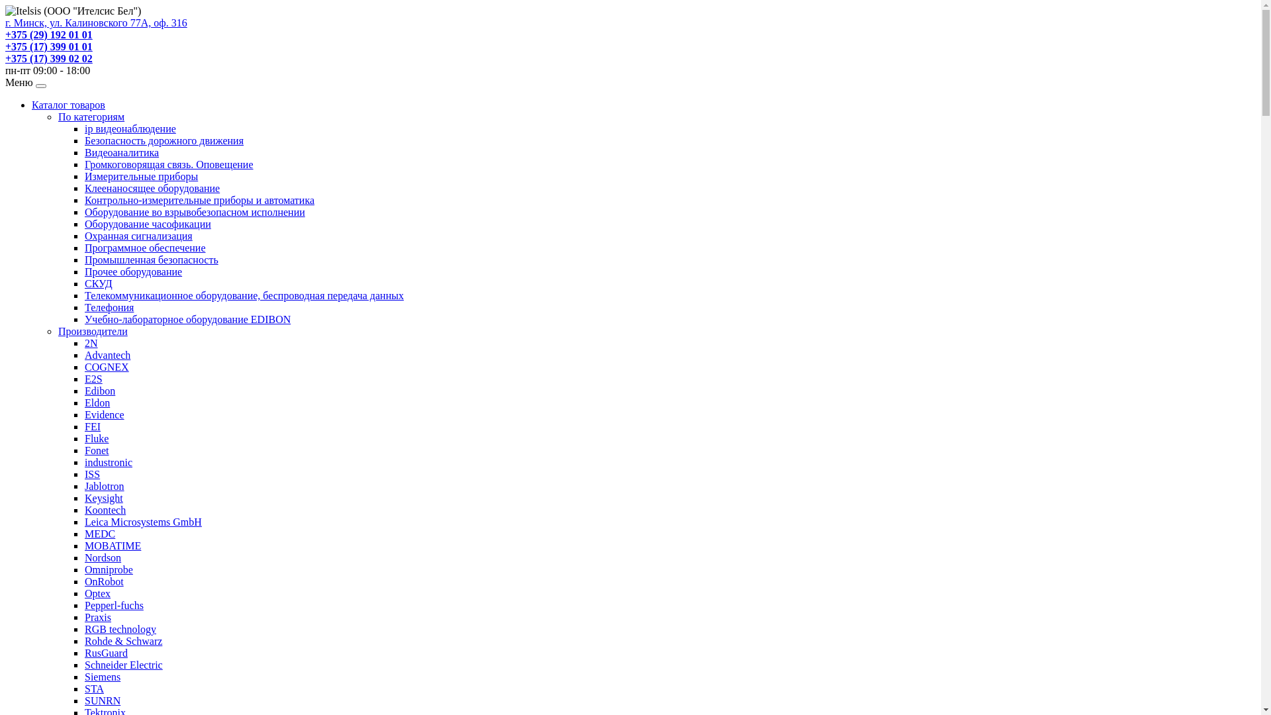  I want to click on 'Pepperl-fuchs', so click(114, 605).